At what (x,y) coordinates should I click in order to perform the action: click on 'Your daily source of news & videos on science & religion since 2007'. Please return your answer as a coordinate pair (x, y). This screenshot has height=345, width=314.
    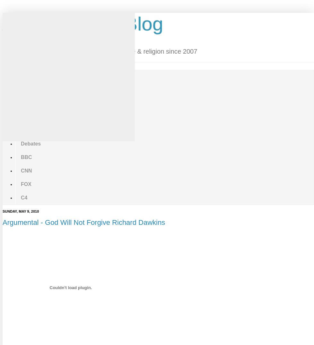
    Looking at the image, I should click on (100, 51).